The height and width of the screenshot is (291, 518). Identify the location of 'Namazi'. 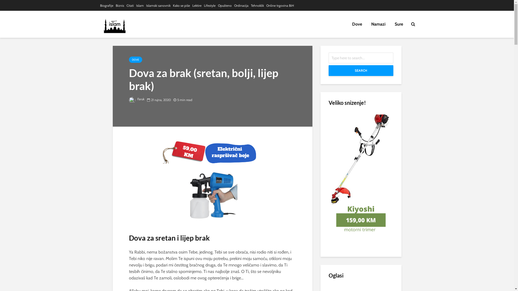
(378, 24).